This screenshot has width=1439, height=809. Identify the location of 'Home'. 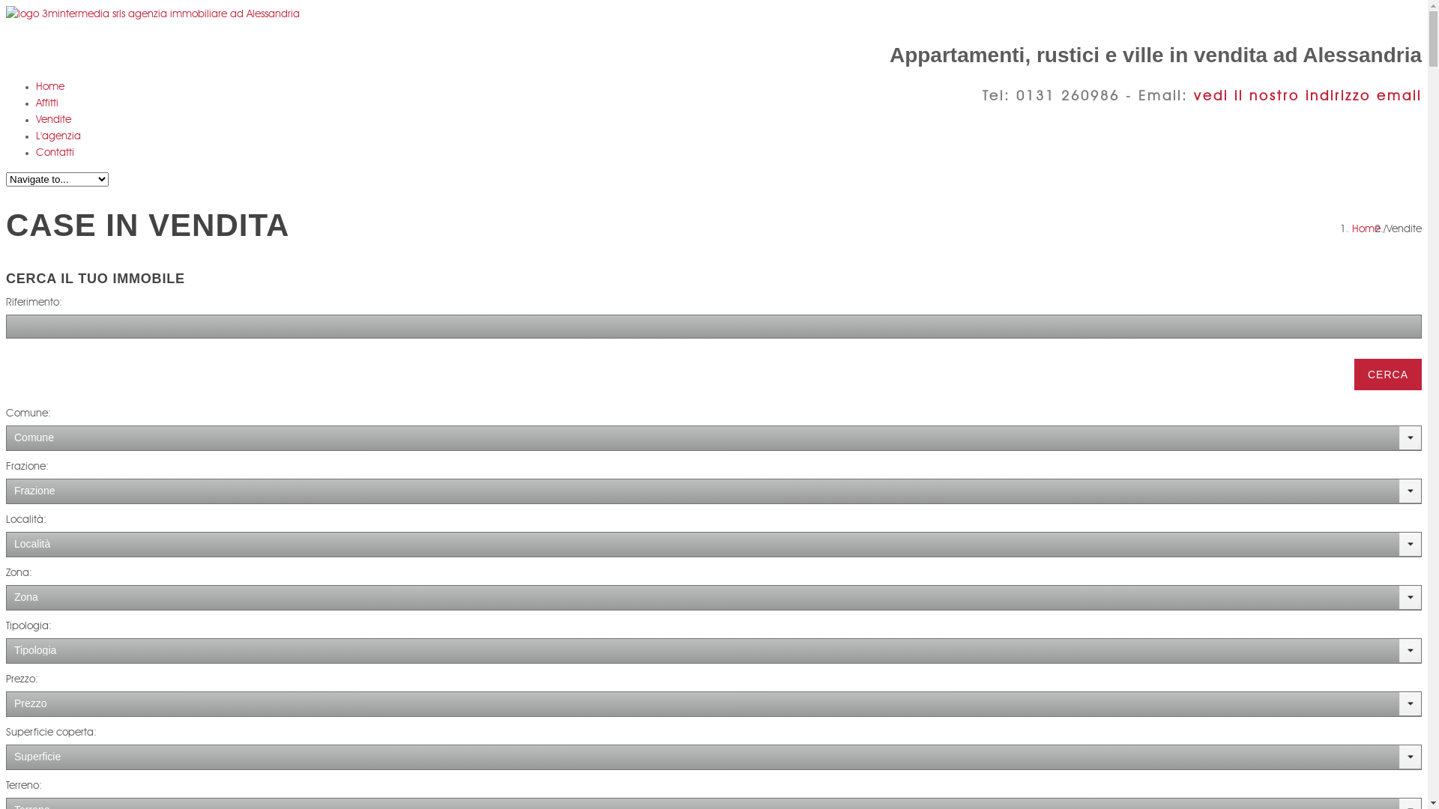
(50, 86).